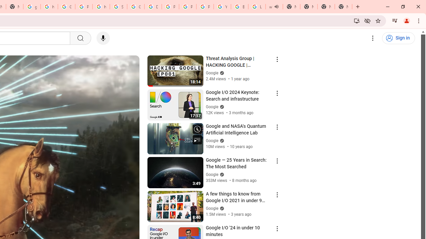 The image size is (426, 239). What do you see at coordinates (394, 20) in the screenshot?
I see `'Control your music, videos, and more'` at bounding box center [394, 20].